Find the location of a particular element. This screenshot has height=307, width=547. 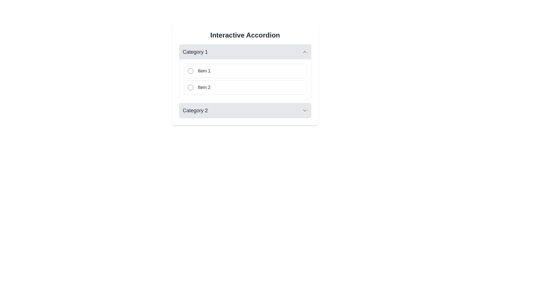

the second selectable list item with a radio button under 'Category 1' for accessibility navigation is located at coordinates (245, 88).